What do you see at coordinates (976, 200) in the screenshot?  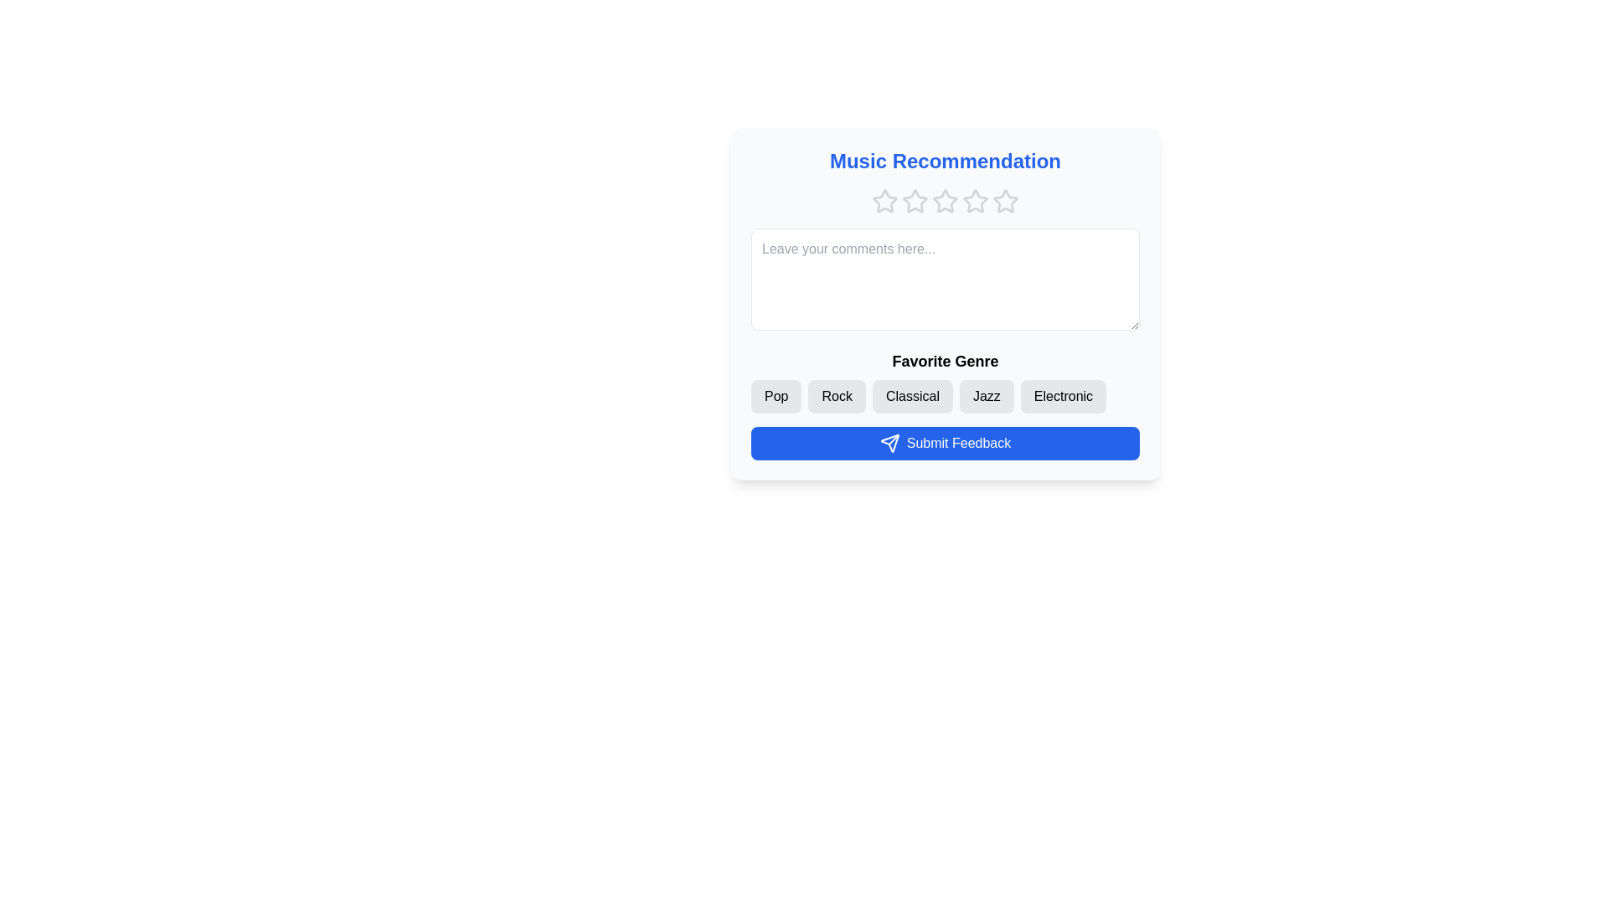 I see `the fourth star icon in the Music Recommendation section` at bounding box center [976, 200].